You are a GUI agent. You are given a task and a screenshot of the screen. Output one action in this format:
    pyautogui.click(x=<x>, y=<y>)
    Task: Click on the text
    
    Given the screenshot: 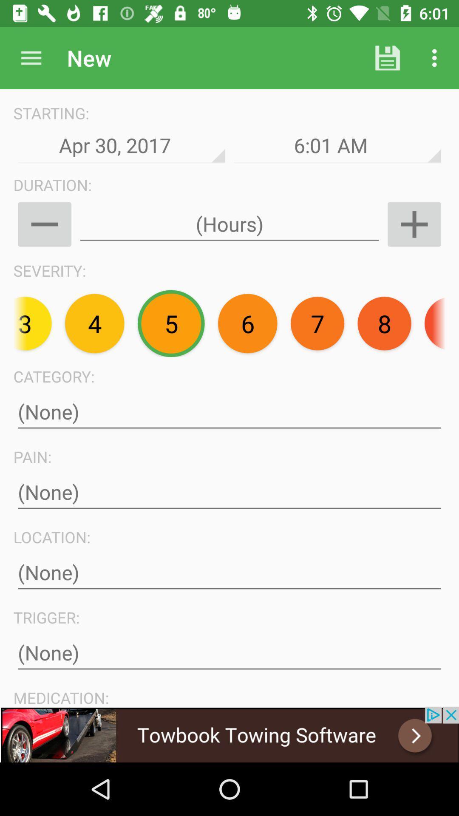 What is the action you would take?
    pyautogui.click(x=229, y=412)
    